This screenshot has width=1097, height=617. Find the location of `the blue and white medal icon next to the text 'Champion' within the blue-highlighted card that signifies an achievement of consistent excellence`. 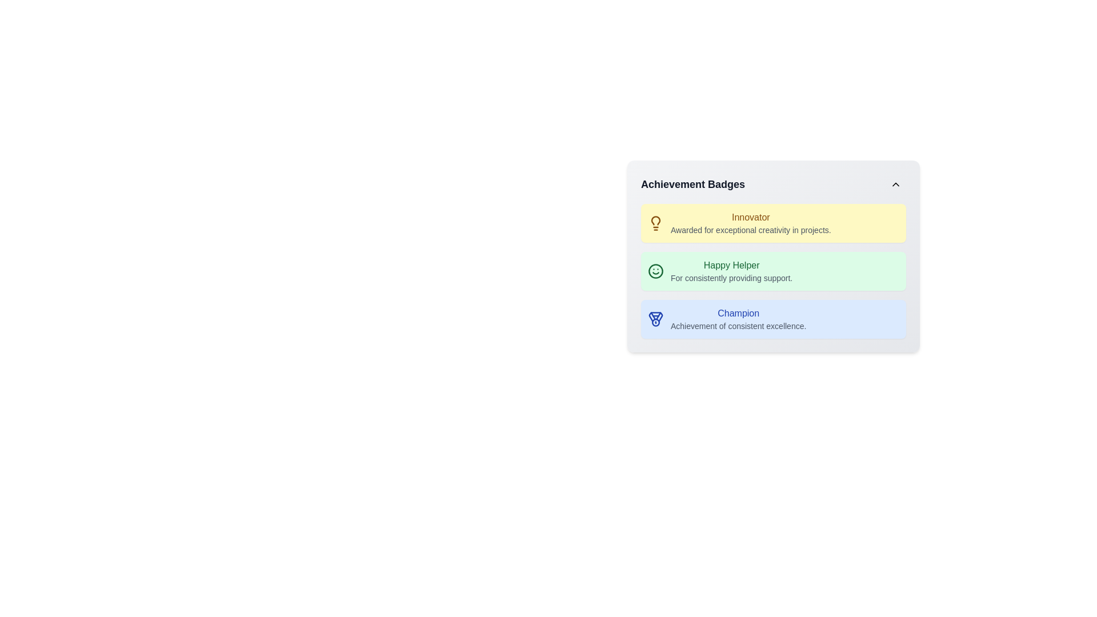

the blue and white medal icon next to the text 'Champion' within the blue-highlighted card that signifies an achievement of consistent excellence is located at coordinates (655, 319).